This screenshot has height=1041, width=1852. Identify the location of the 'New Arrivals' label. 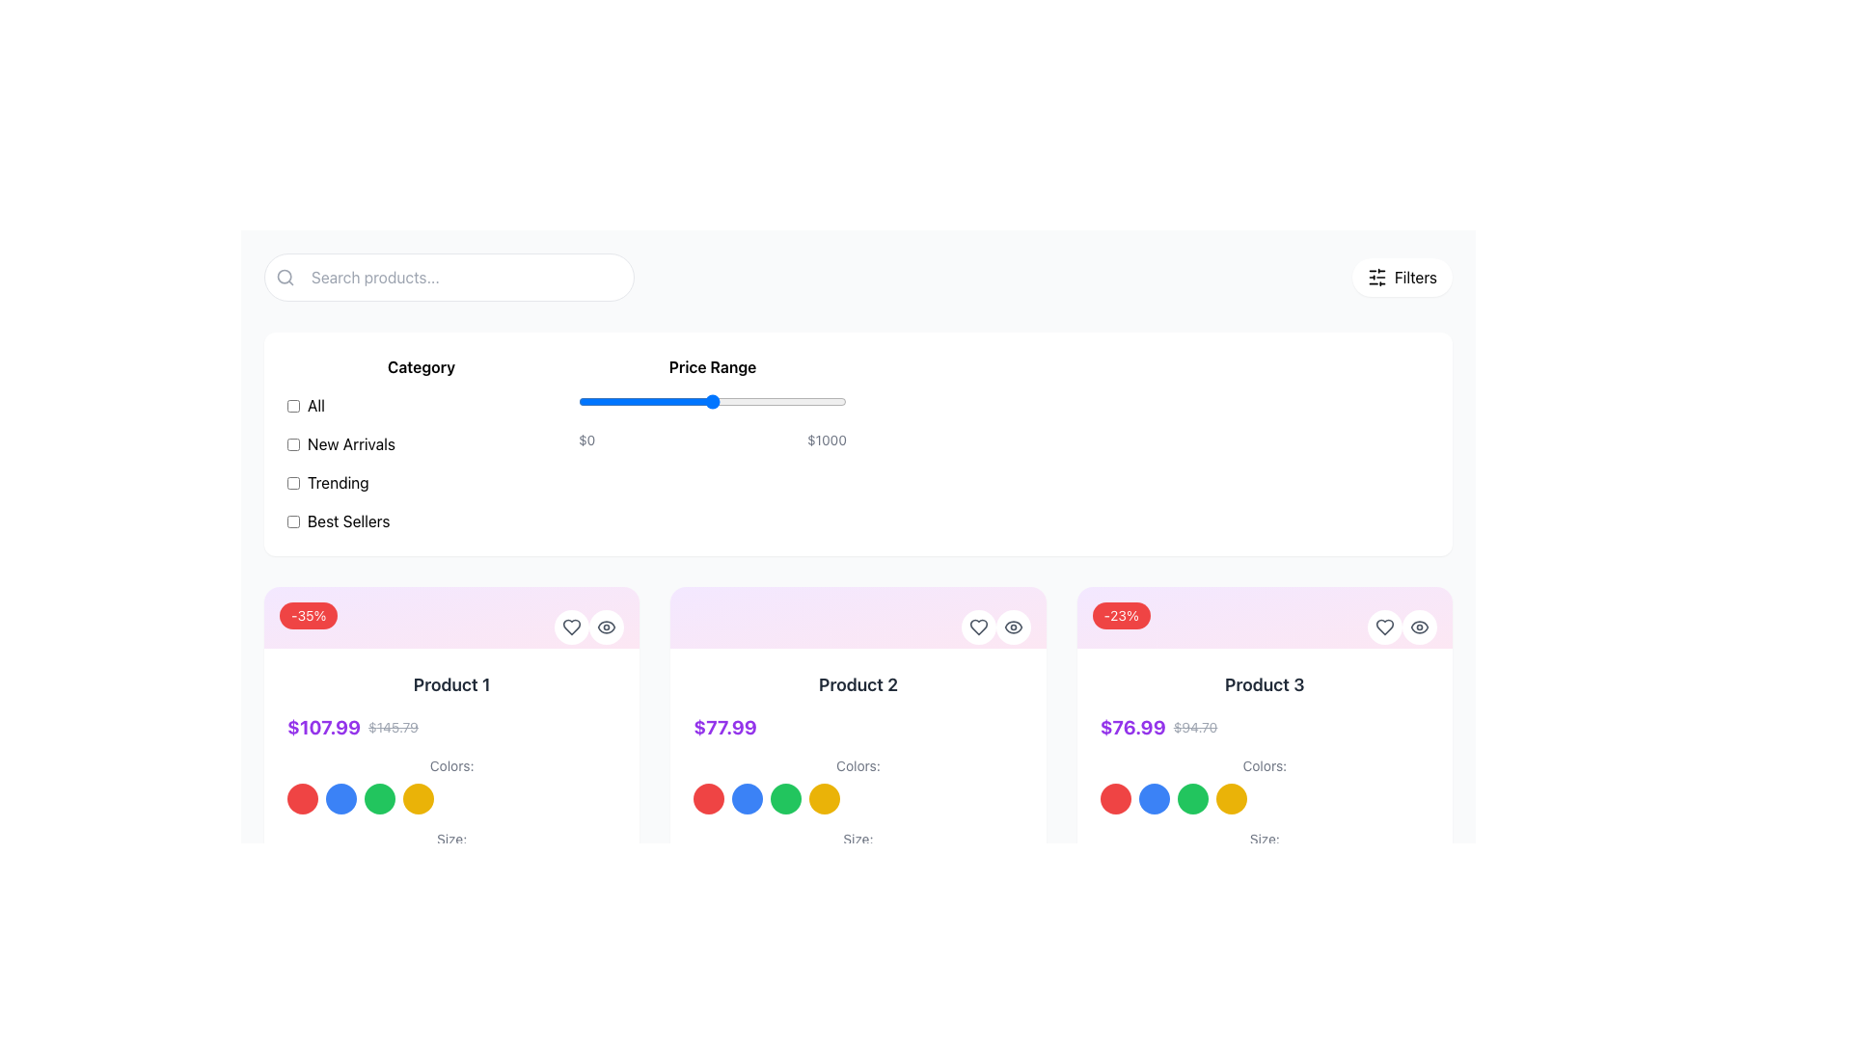
(351, 444).